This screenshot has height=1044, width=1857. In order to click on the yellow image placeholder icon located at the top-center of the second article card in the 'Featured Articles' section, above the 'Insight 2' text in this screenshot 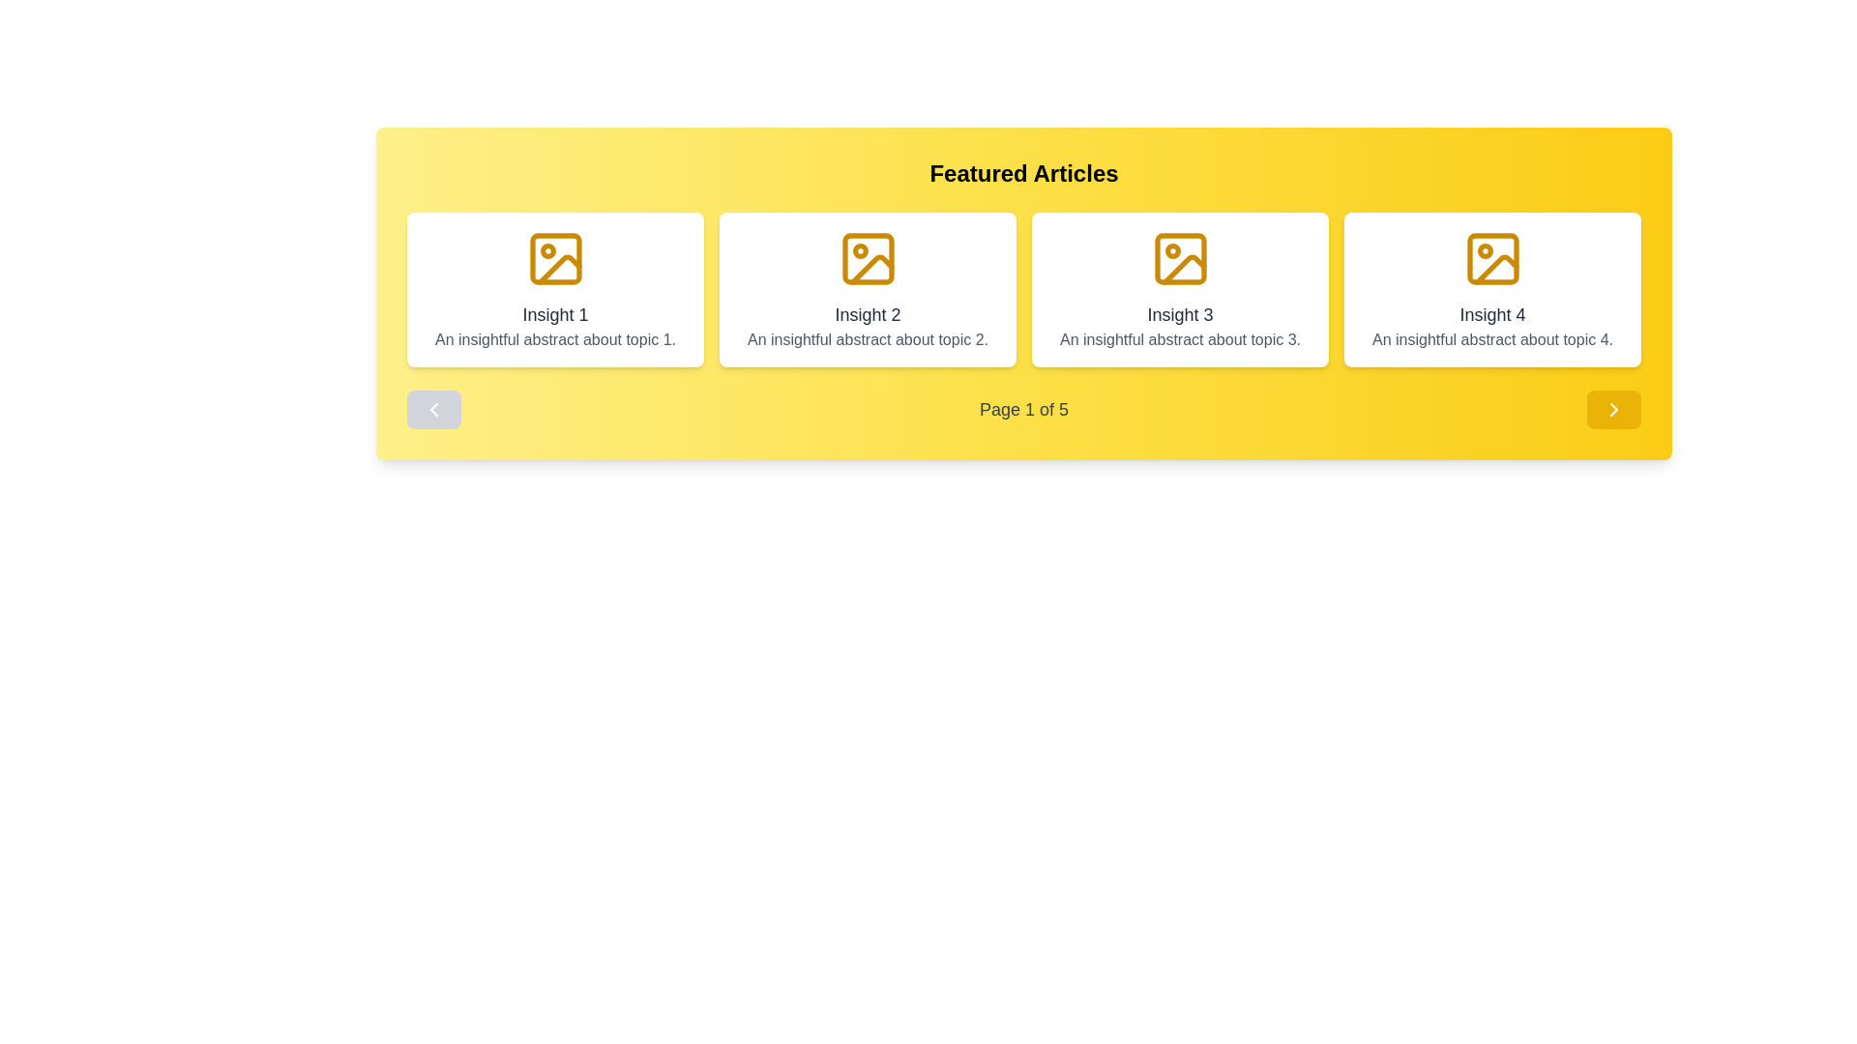, I will do `click(867, 257)`.